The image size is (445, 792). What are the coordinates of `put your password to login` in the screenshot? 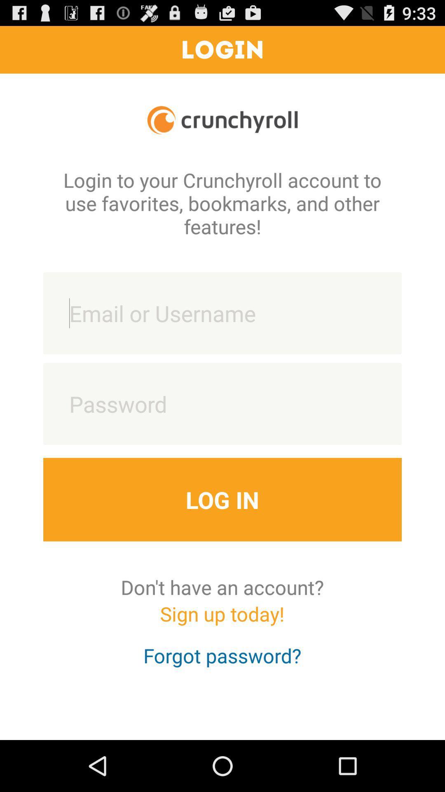 It's located at (222, 404).